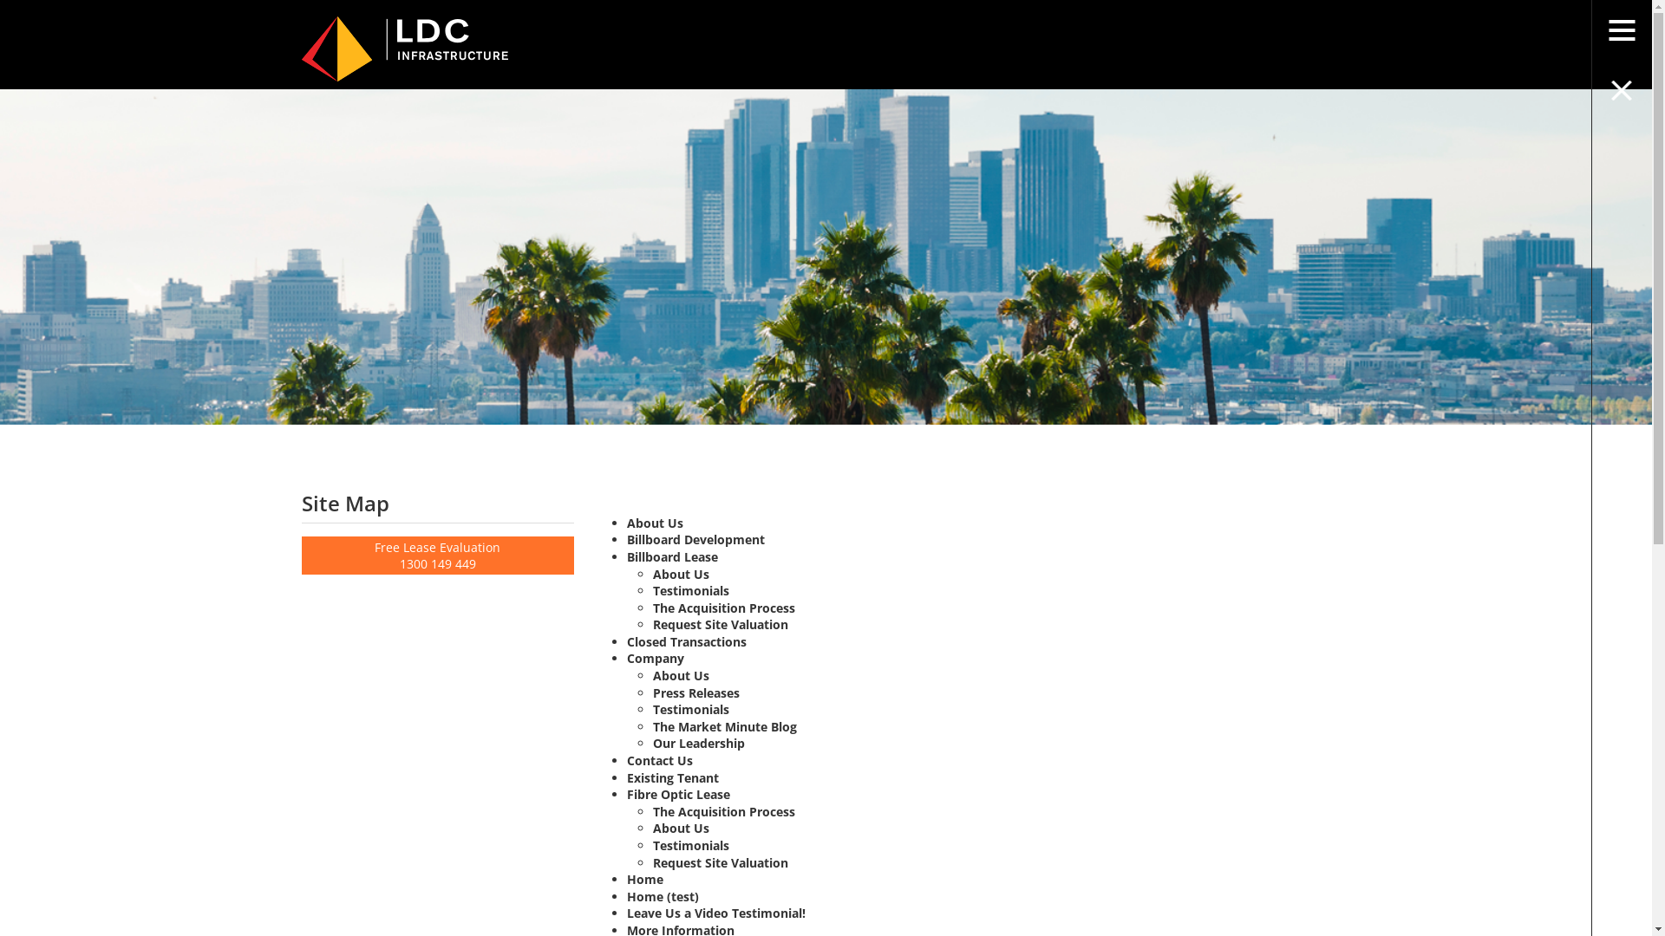  What do you see at coordinates (680, 827) in the screenshot?
I see `'About Us'` at bounding box center [680, 827].